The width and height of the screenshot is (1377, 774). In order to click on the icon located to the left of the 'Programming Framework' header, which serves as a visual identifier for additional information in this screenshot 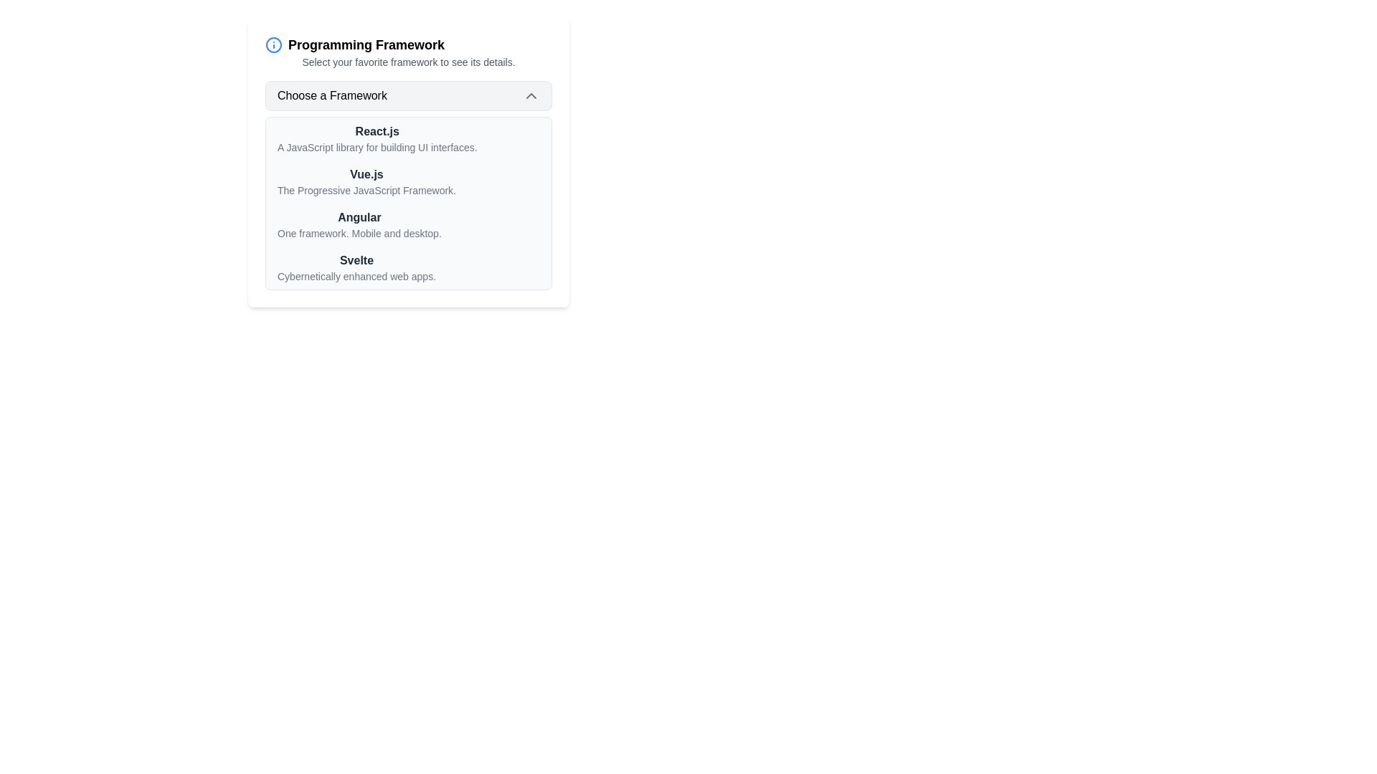, I will do `click(274, 44)`.